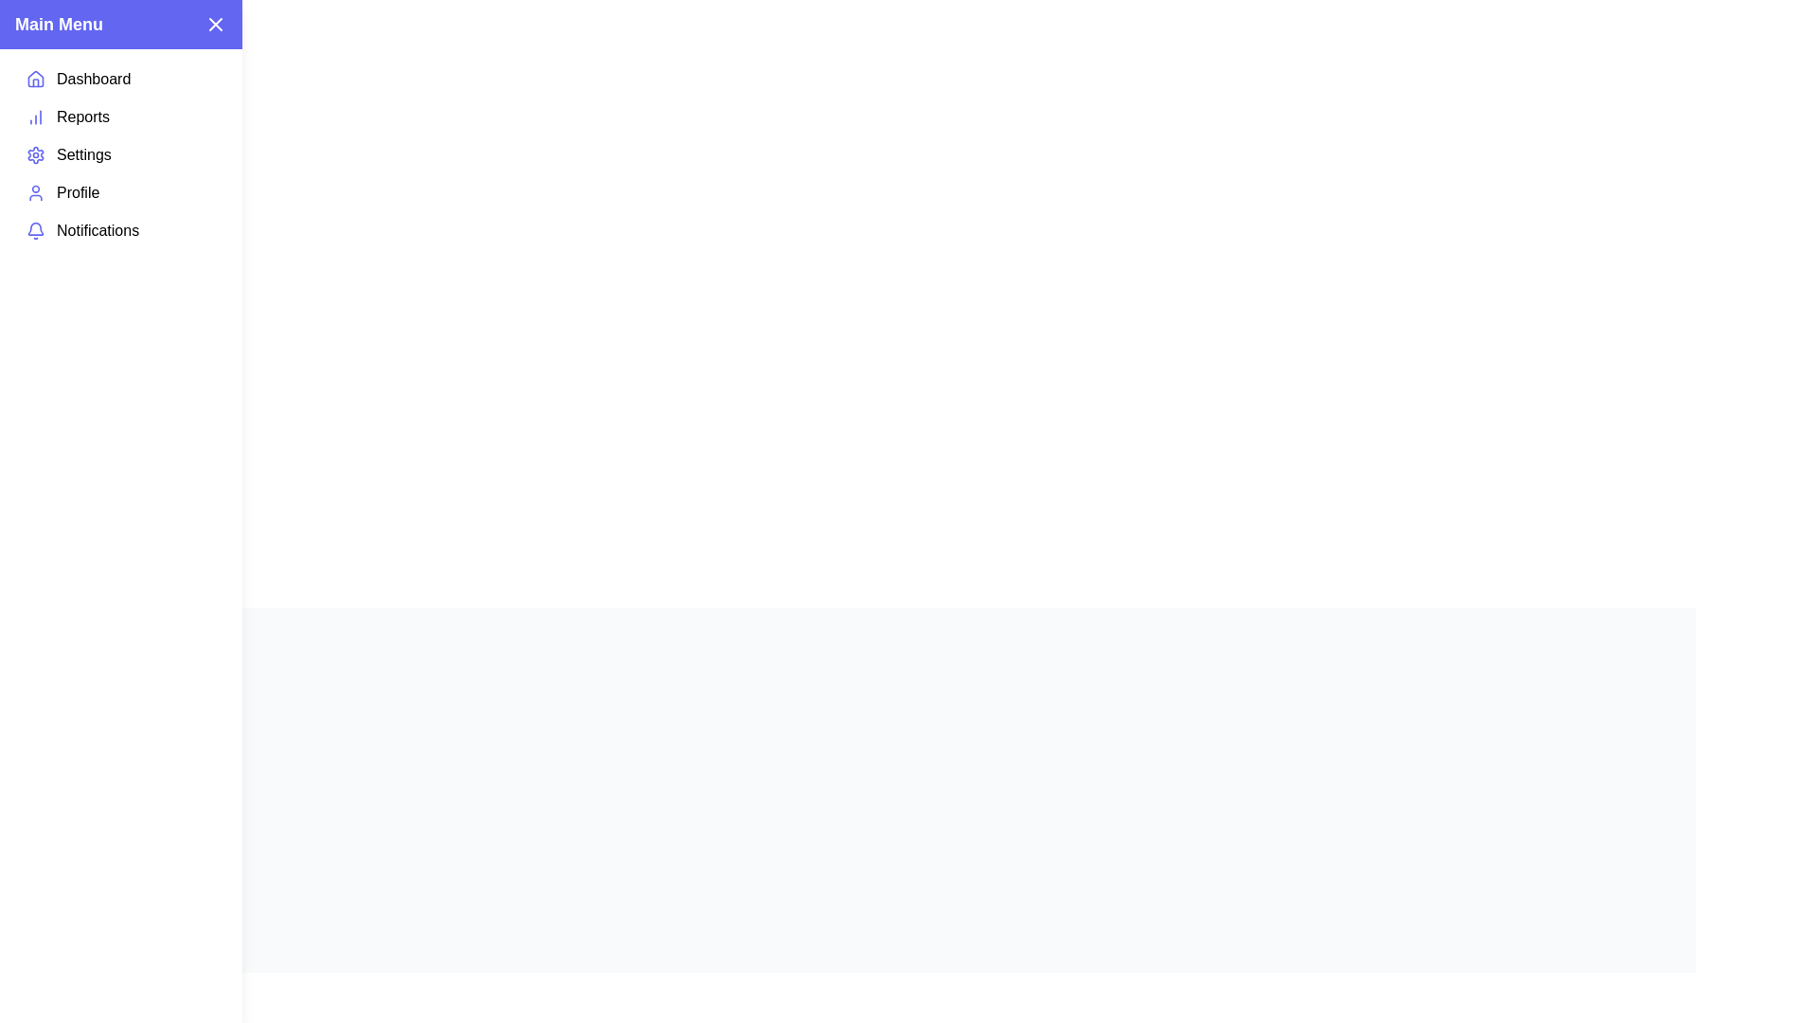 This screenshot has width=1818, height=1023. What do you see at coordinates (36, 79) in the screenshot?
I see `the indigo house icon in the sidebar menu labeled 'Dashboard'` at bounding box center [36, 79].